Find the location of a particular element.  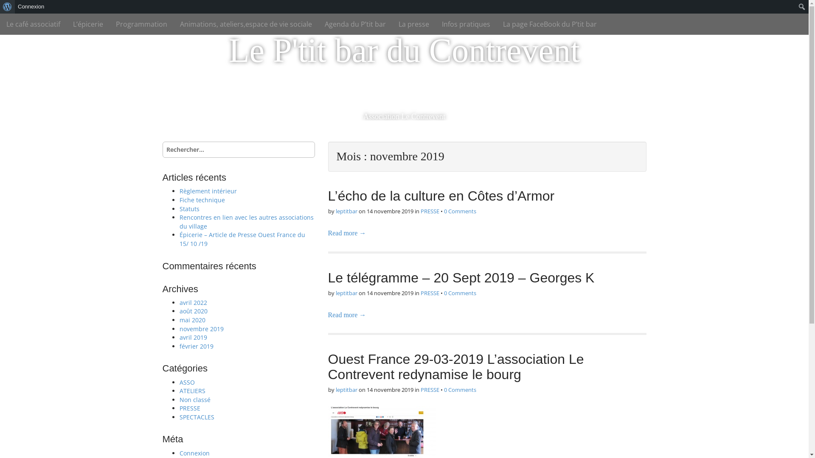

'Animations, ateliers,espace de vie sociale' is located at coordinates (245, 24).